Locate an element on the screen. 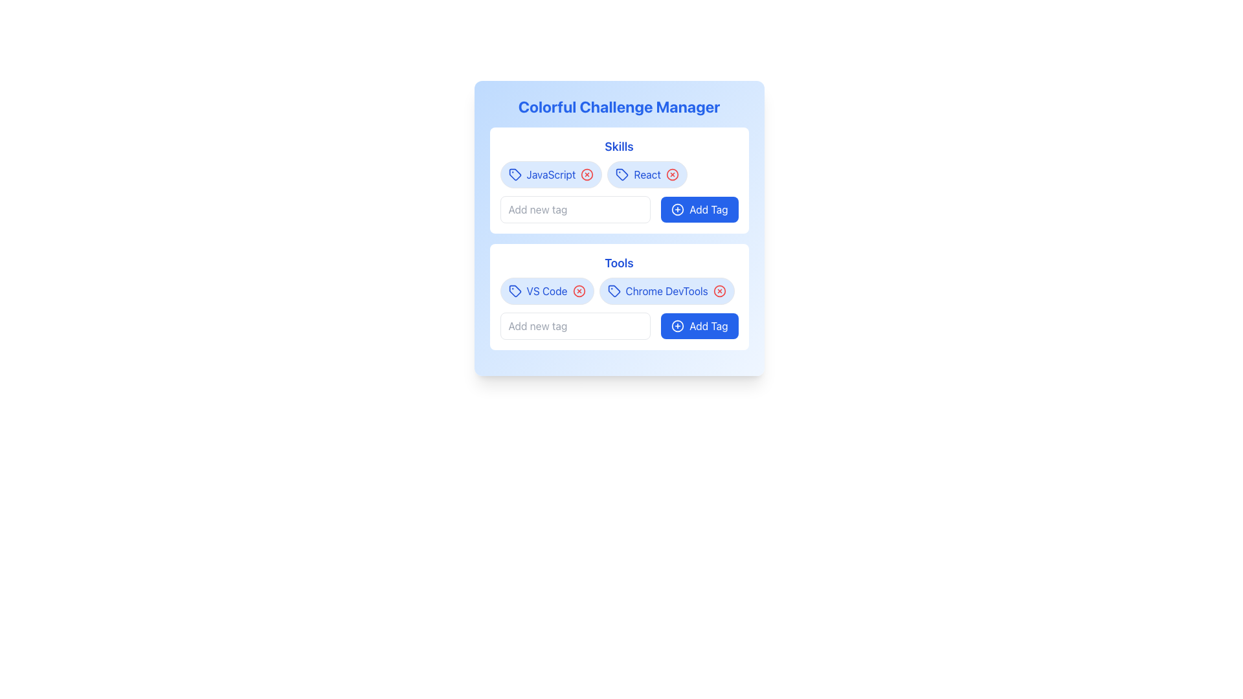 The height and width of the screenshot is (699, 1243). the 'React' tag is located at coordinates (647, 175).